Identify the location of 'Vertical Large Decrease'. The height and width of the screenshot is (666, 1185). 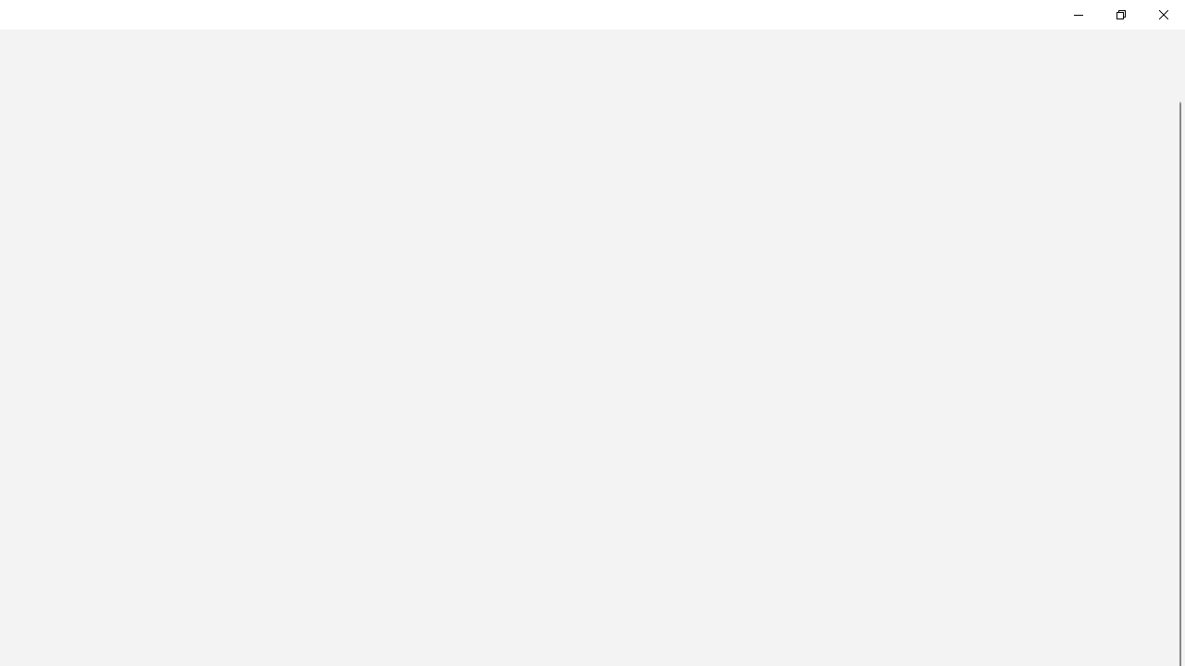
(1177, 92).